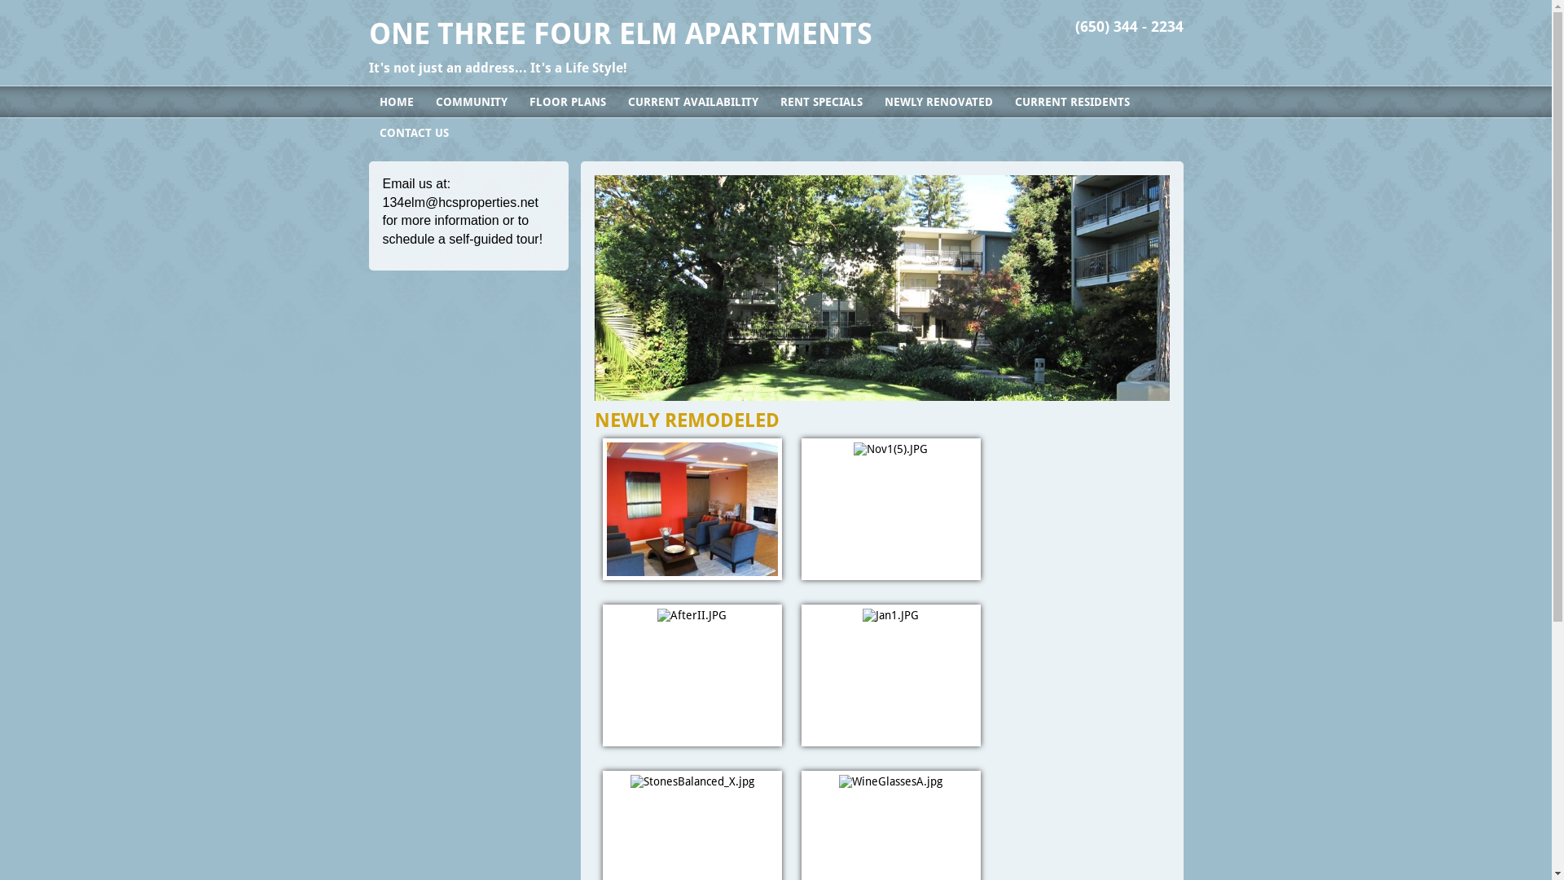 The width and height of the screenshot is (1564, 880). I want to click on 'ONE THREE FOUR ELM APARTMENTS', so click(619, 33).